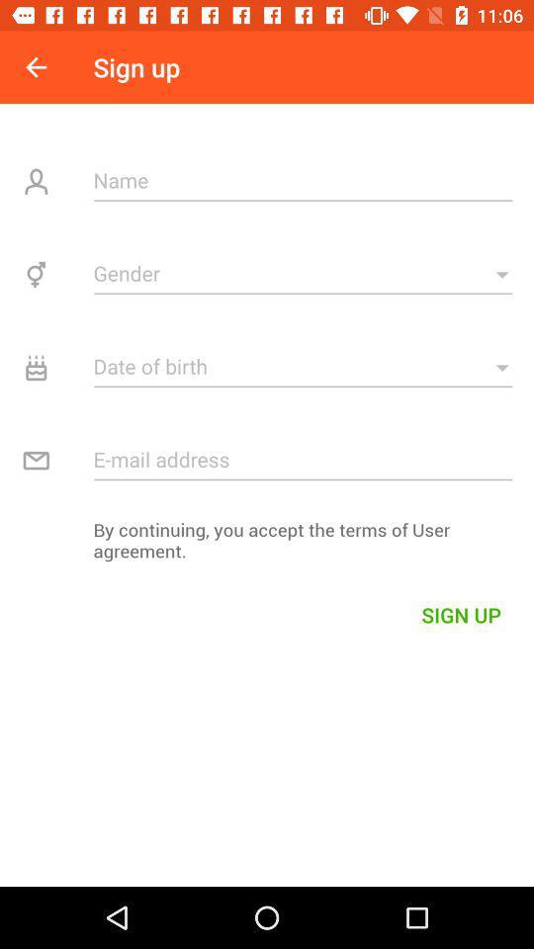 The image size is (534, 949). What do you see at coordinates (303, 180) in the screenshot?
I see `name entry field` at bounding box center [303, 180].